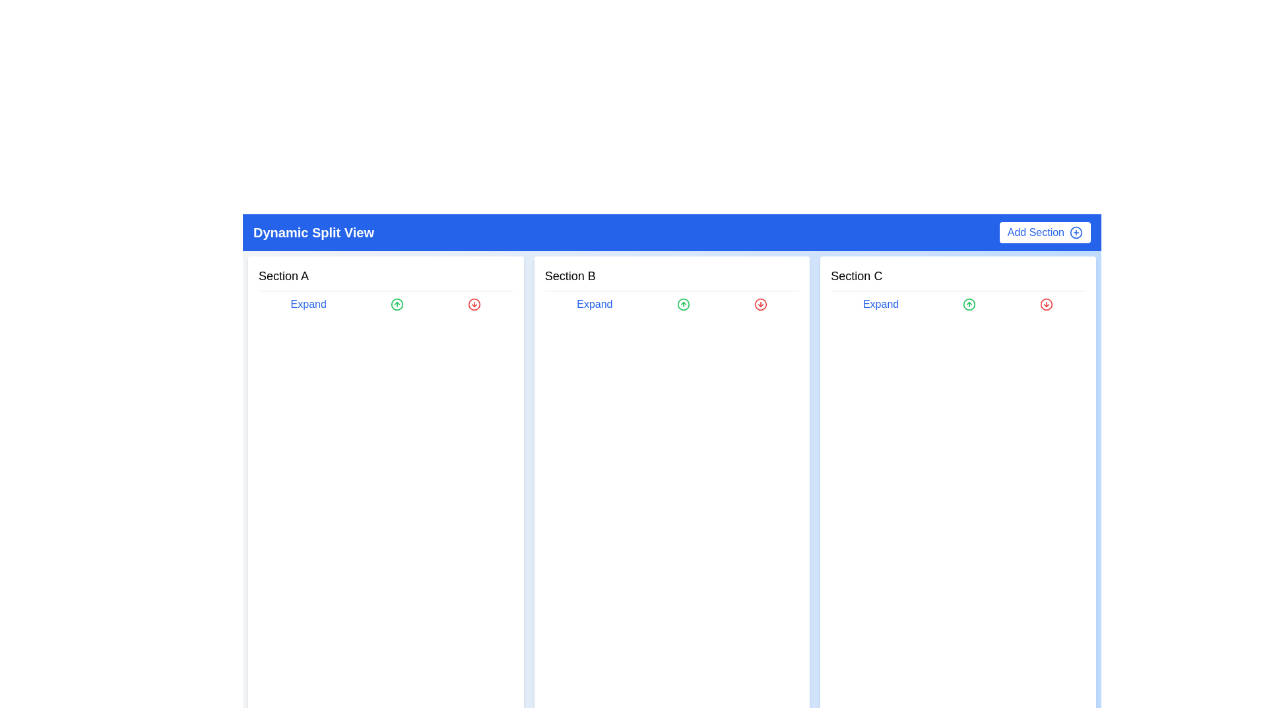  What do you see at coordinates (683, 305) in the screenshot?
I see `the green circular arrow icon button located in 'Section B', positioned to the right of the 'Expand' link and between the 'Expand' text and a red down arrow icon` at bounding box center [683, 305].